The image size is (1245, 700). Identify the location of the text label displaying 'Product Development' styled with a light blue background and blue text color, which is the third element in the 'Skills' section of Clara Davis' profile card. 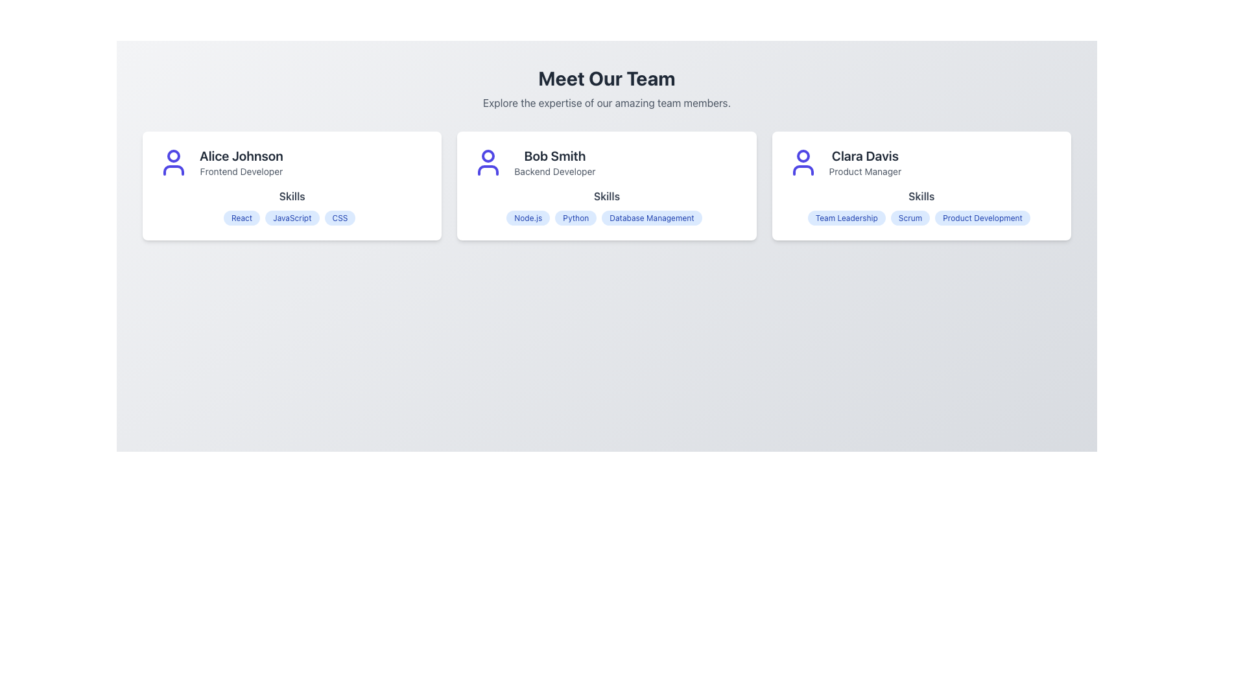
(982, 217).